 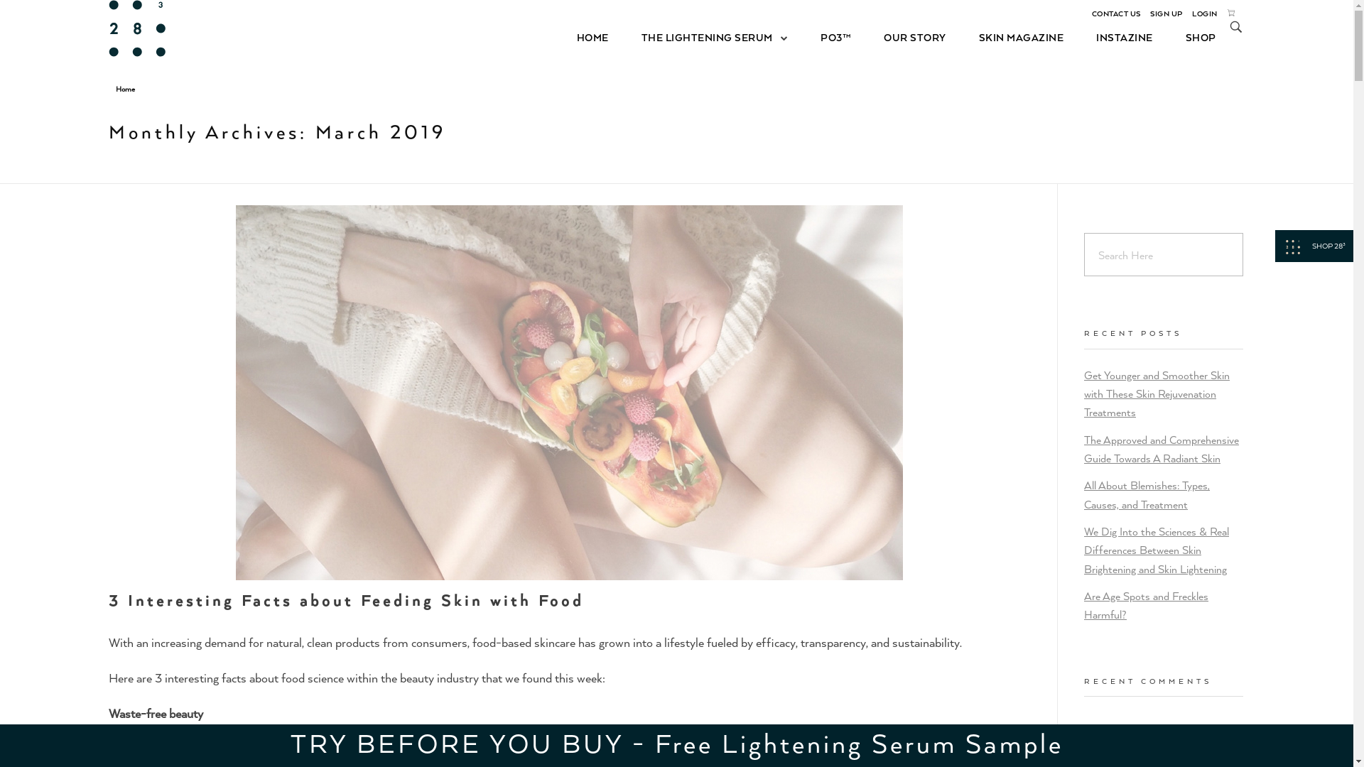 I want to click on 'LOGIN', so click(x=1192, y=13).